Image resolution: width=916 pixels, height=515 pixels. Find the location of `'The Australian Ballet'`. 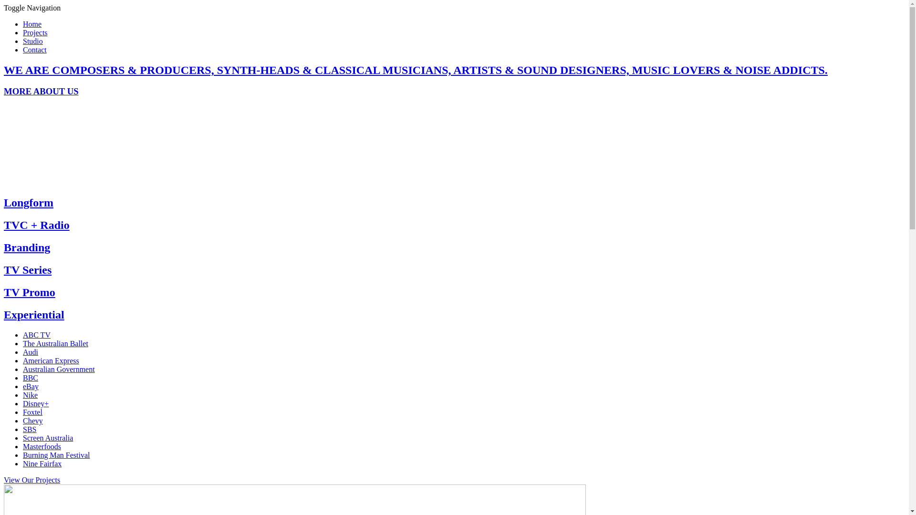

'The Australian Ballet' is located at coordinates (55, 343).